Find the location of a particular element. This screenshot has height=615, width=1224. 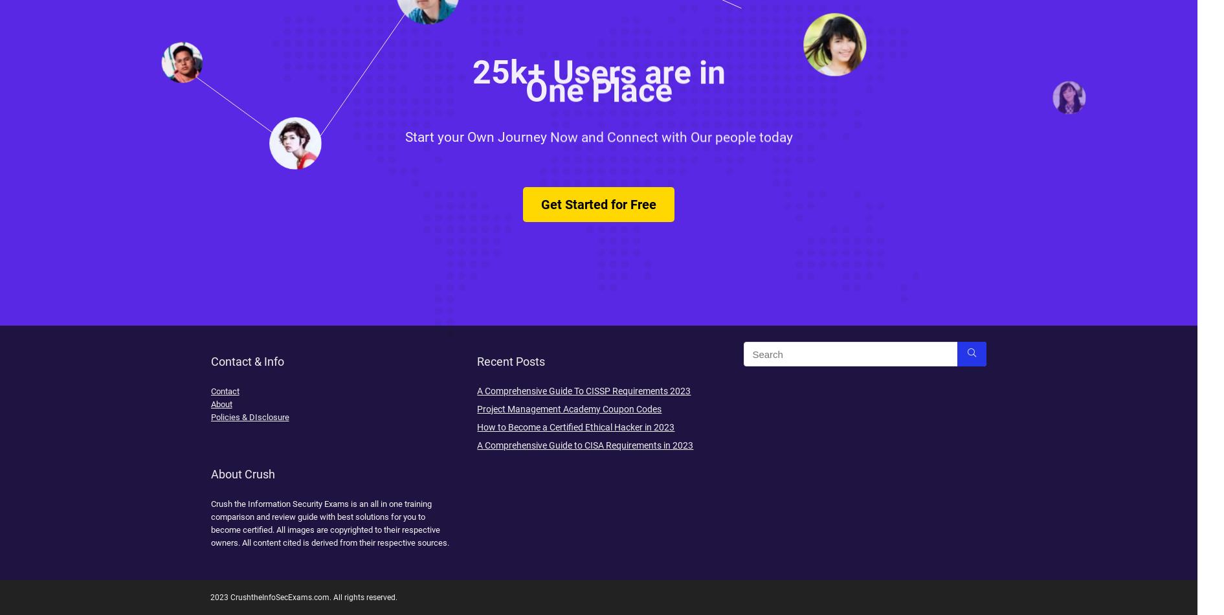

'A Comprehensive Guide to CISA Requirements in  2023' is located at coordinates (585, 445).